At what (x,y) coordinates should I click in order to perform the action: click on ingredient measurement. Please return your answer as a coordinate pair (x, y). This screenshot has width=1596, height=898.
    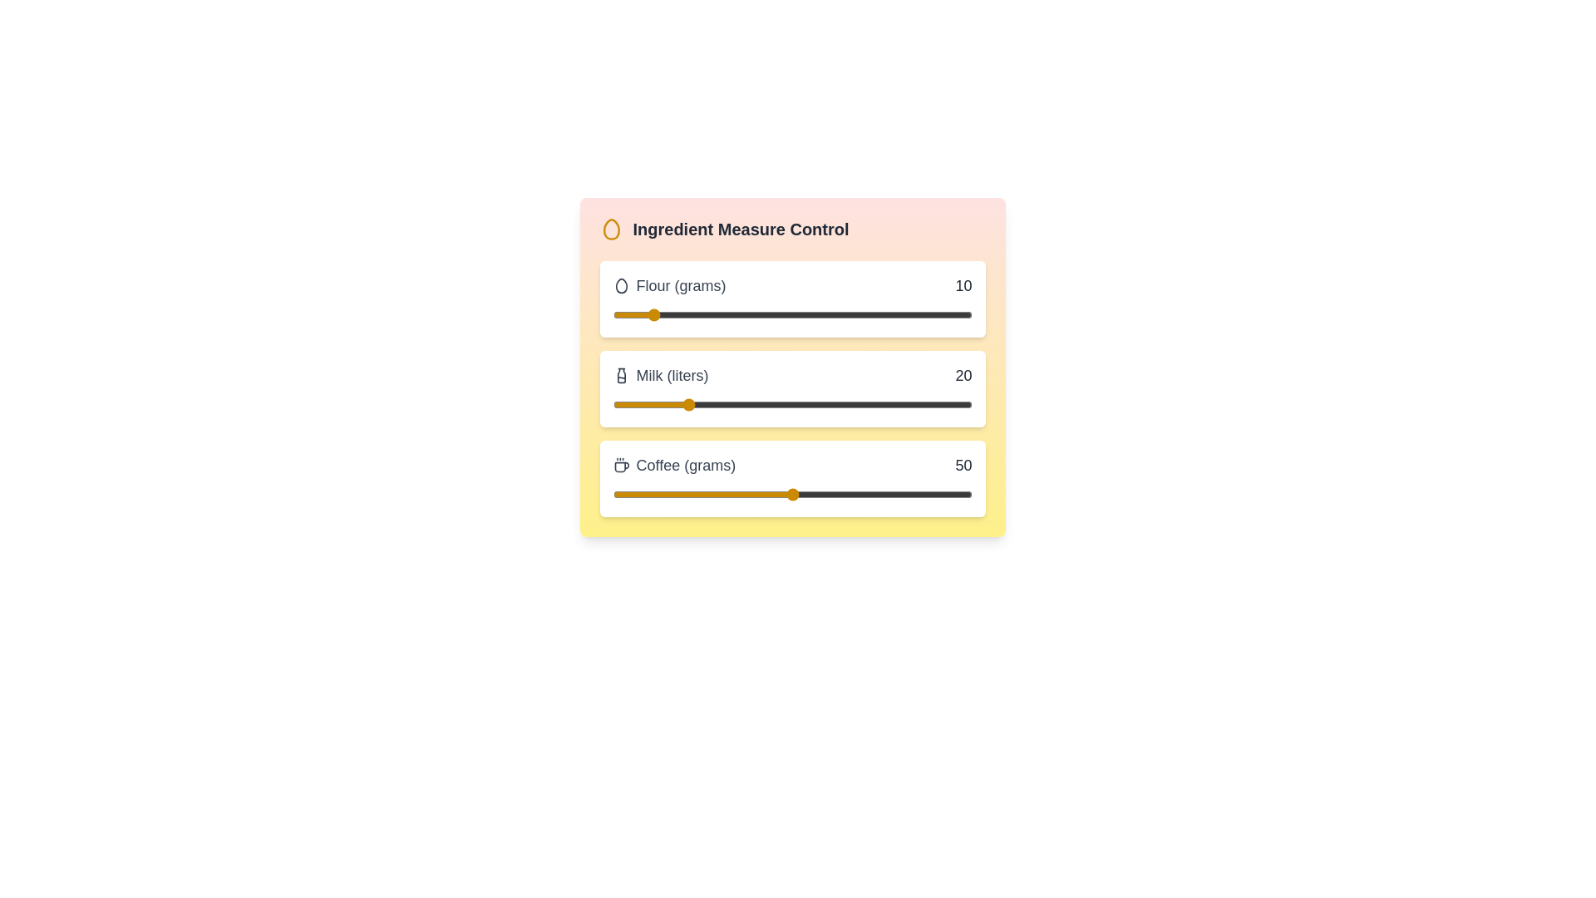
    Looking at the image, I should click on (867, 314).